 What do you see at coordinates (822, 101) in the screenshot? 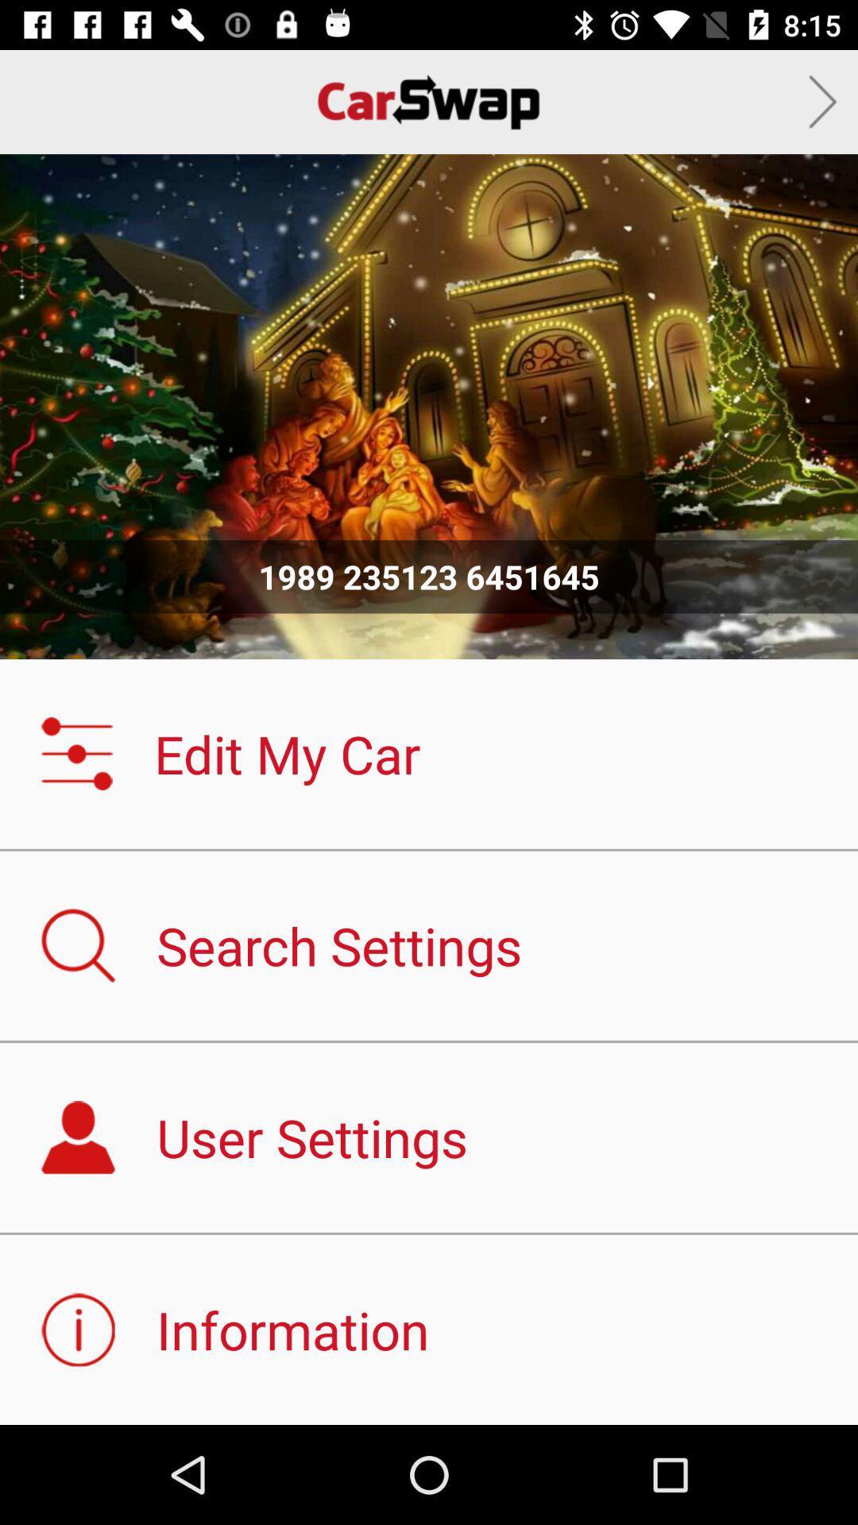
I see `move to next item` at bounding box center [822, 101].